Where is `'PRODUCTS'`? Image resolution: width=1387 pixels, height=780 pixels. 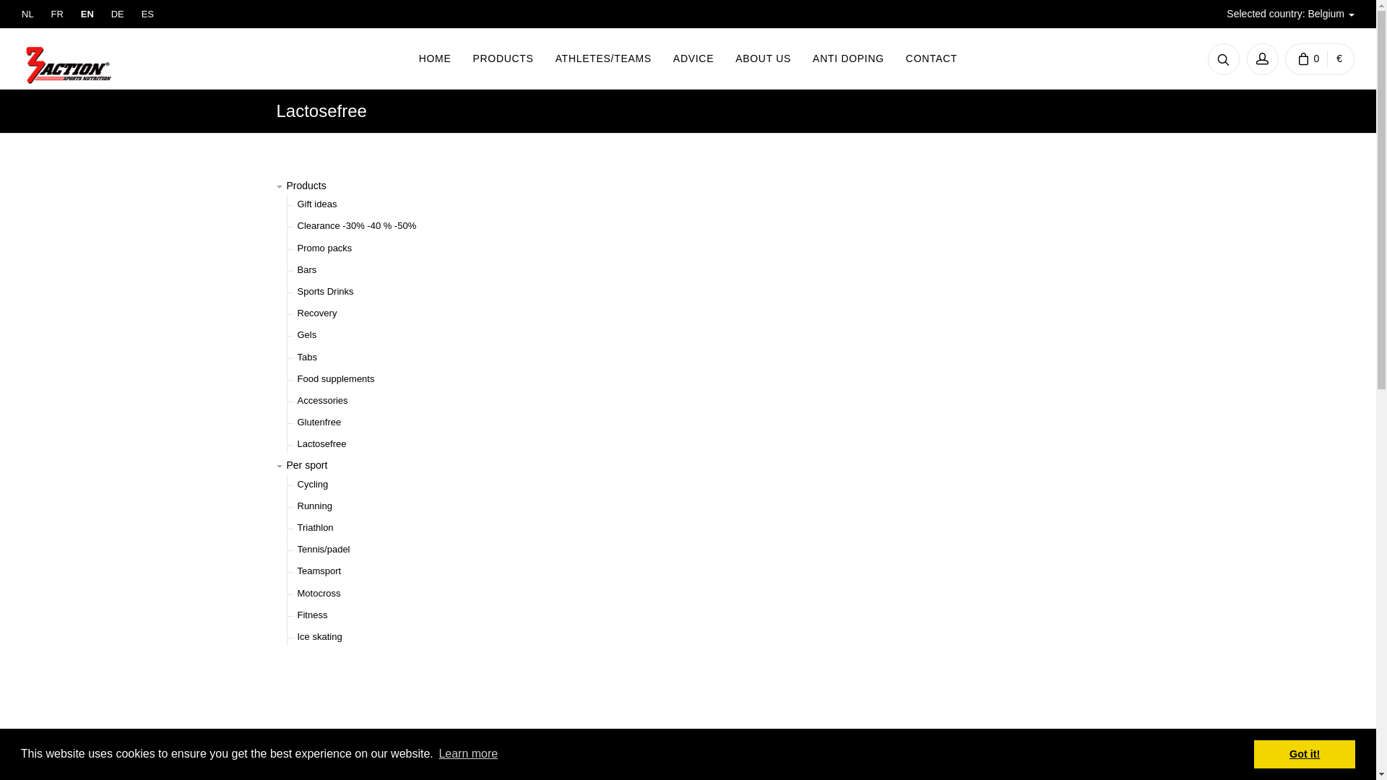 'PRODUCTS' is located at coordinates (503, 58).